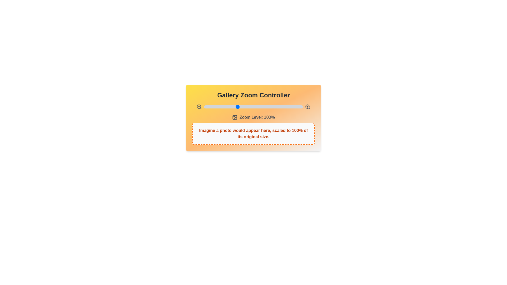  Describe the element at coordinates (308, 107) in the screenshot. I see `zoom-in button to increase the zoom level` at that location.